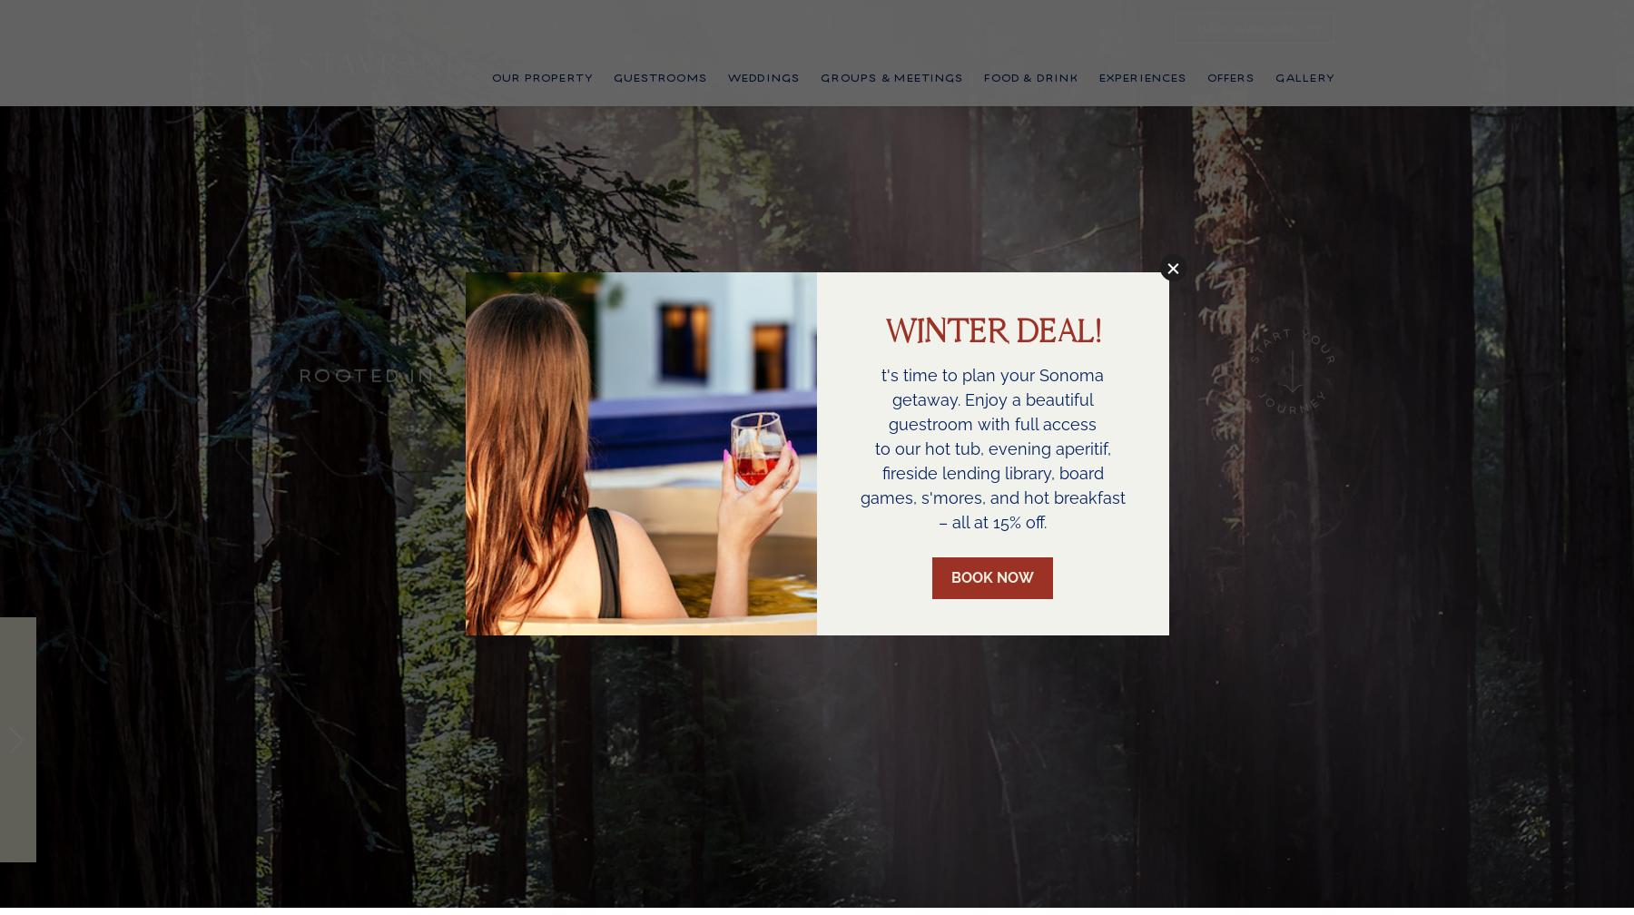  Describe the element at coordinates (440, 686) in the screenshot. I see `'Natural Wonder'` at that location.